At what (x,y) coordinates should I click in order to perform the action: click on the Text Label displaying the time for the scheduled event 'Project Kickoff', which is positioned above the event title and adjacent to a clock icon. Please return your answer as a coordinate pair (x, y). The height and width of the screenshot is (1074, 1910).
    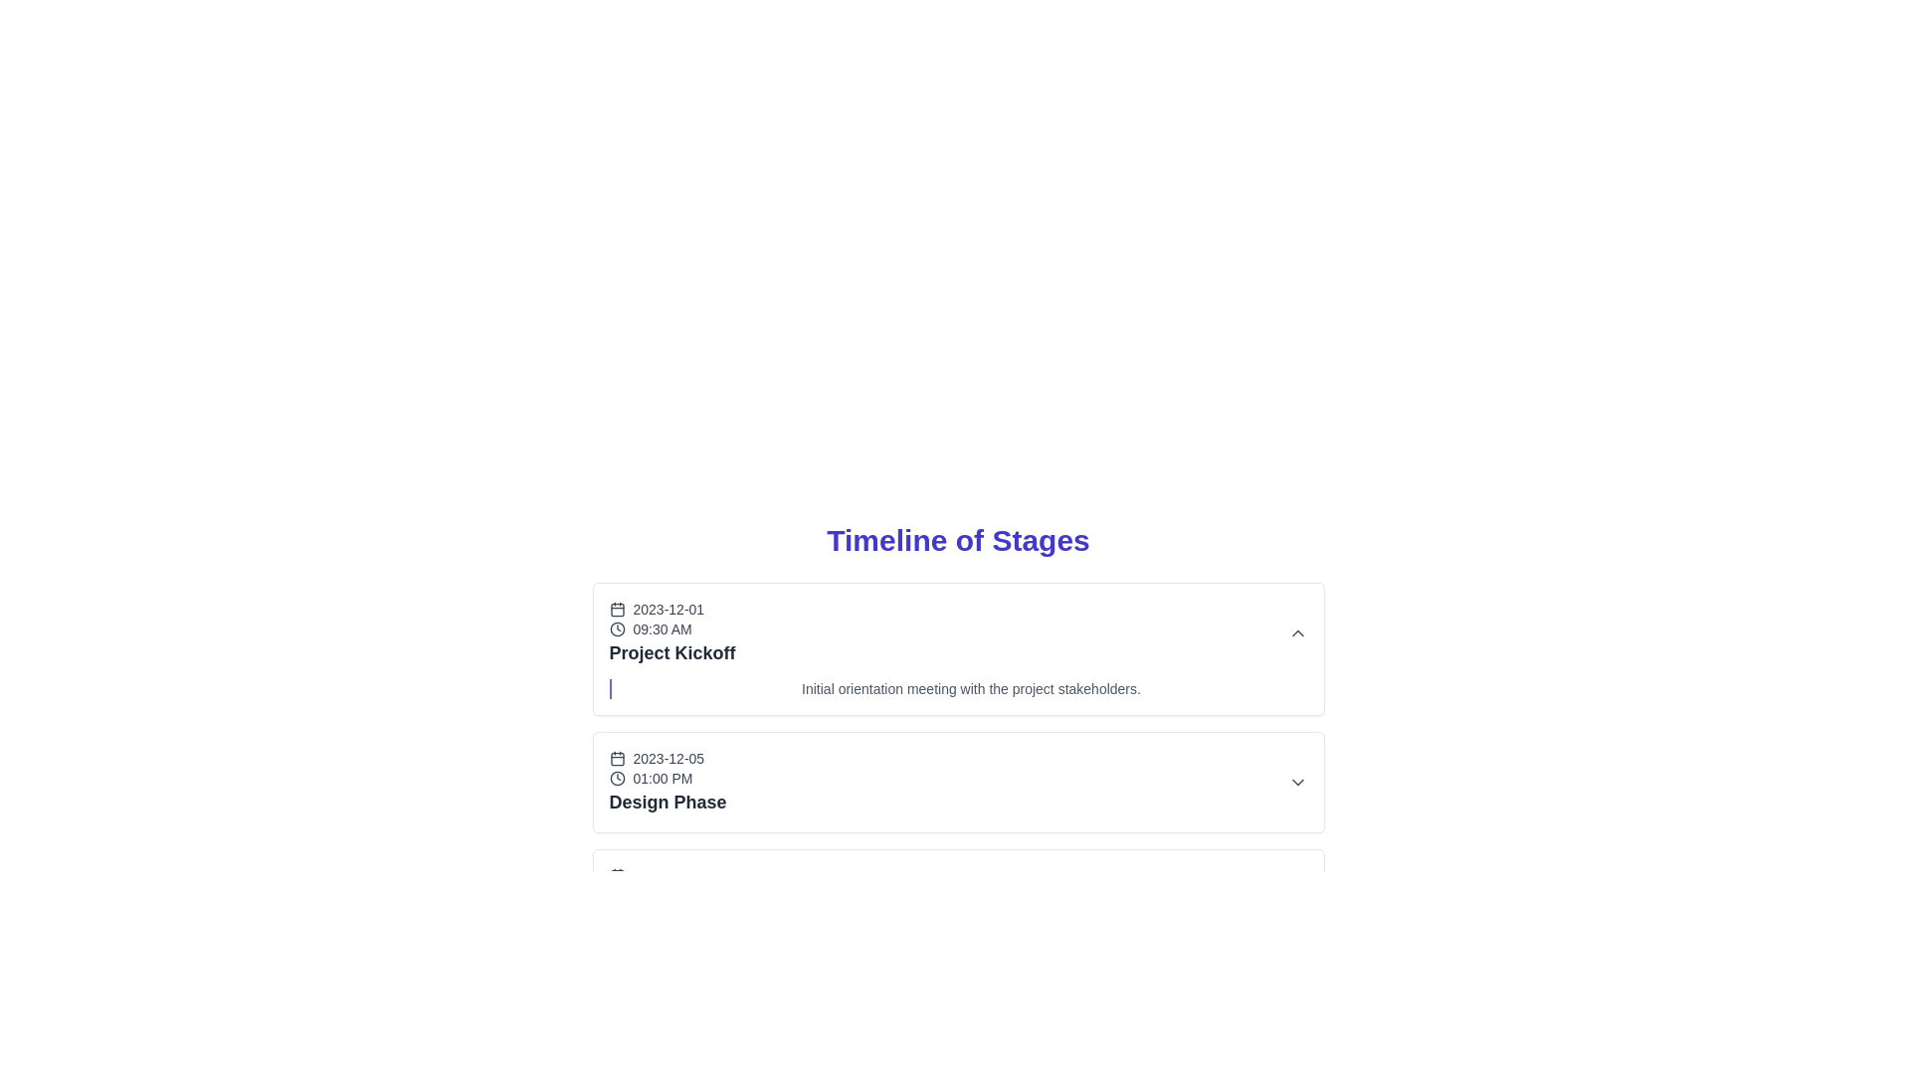
    Looking at the image, I should click on (672, 628).